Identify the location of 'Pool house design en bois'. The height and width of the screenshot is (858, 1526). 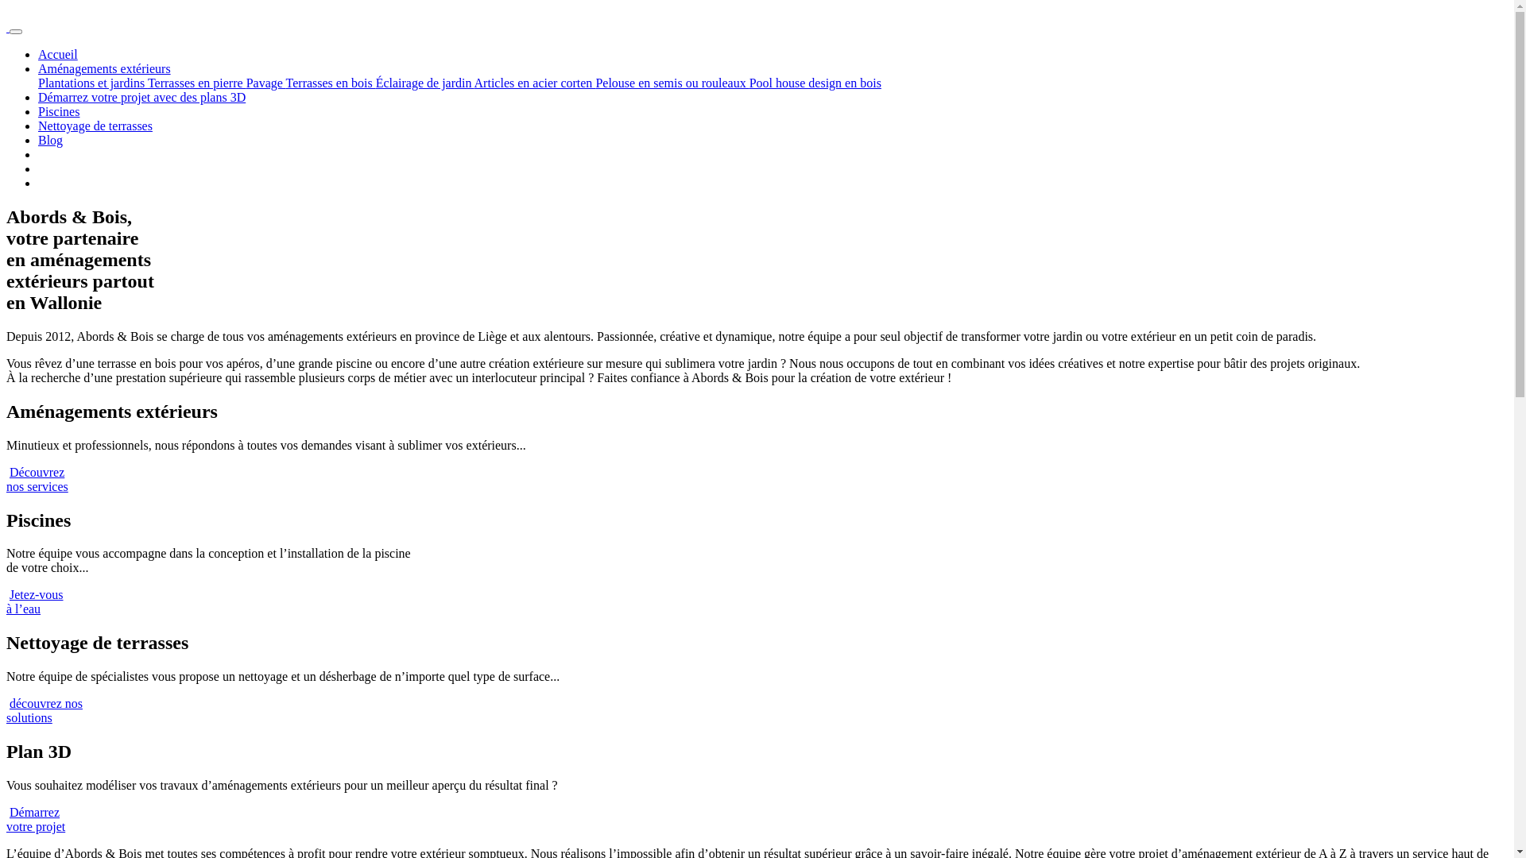
(748, 83).